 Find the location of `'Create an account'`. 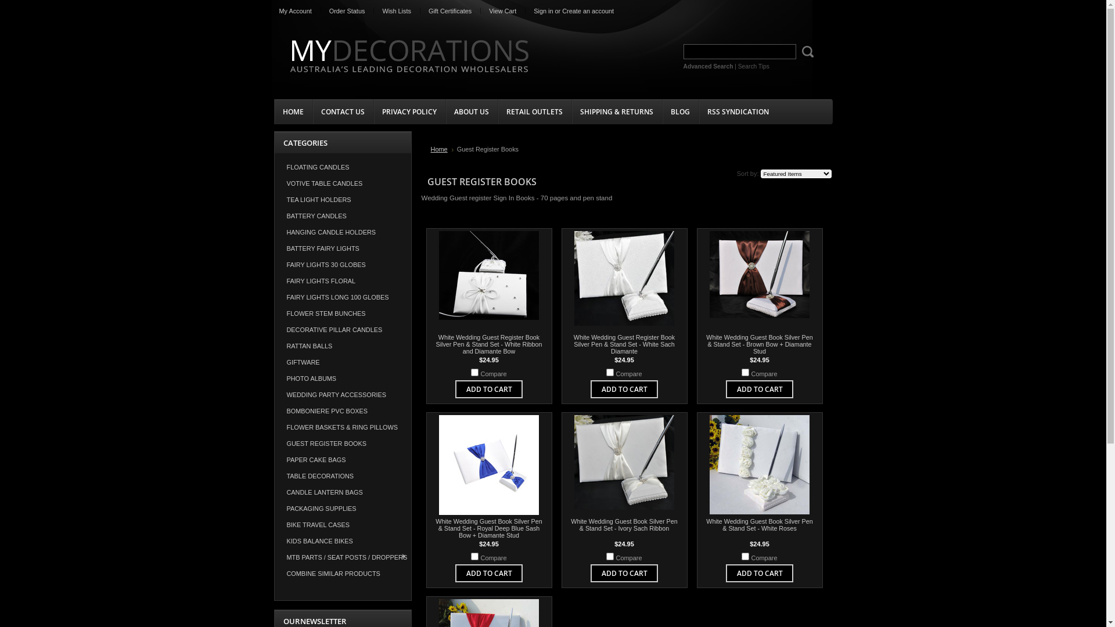

'Create an account' is located at coordinates (562, 11).